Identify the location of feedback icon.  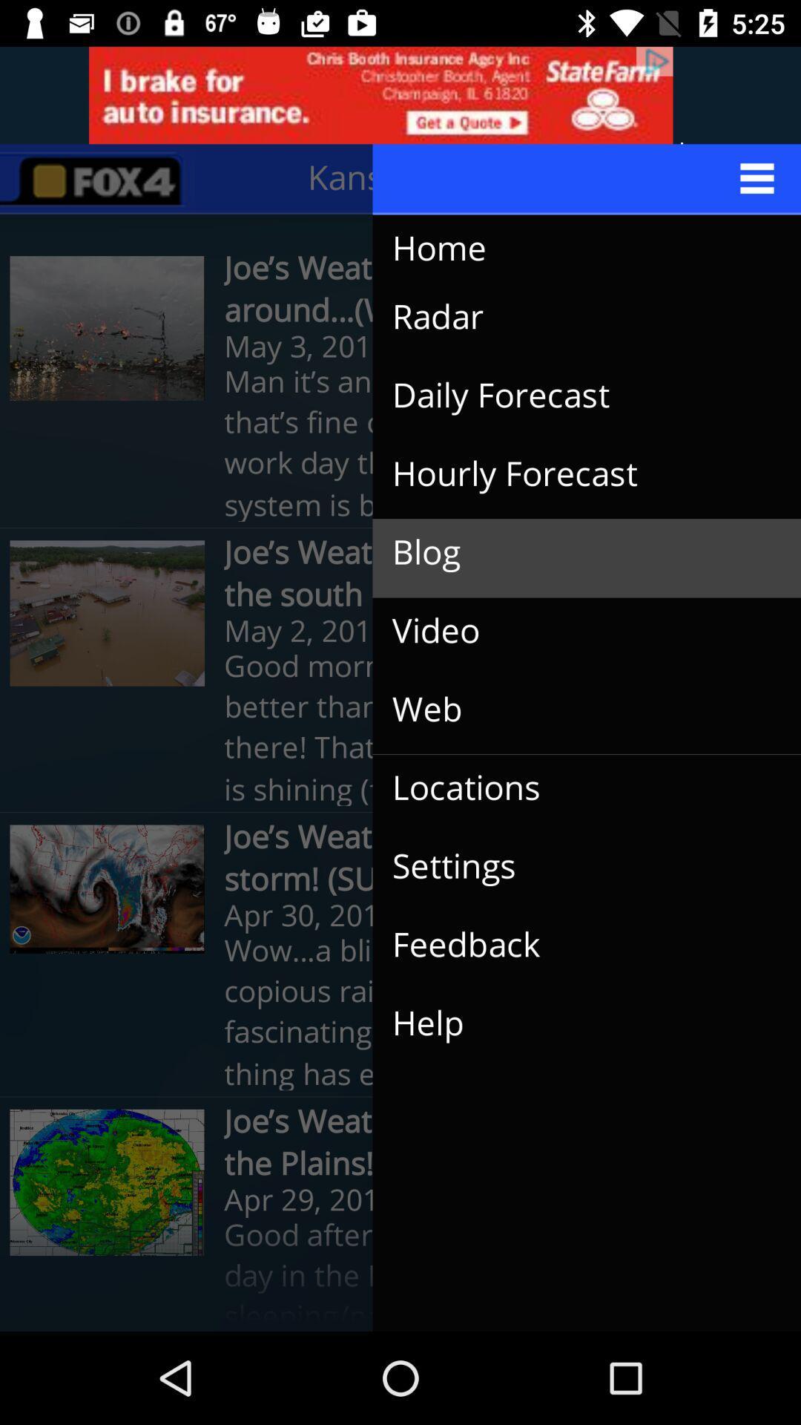
(574, 944).